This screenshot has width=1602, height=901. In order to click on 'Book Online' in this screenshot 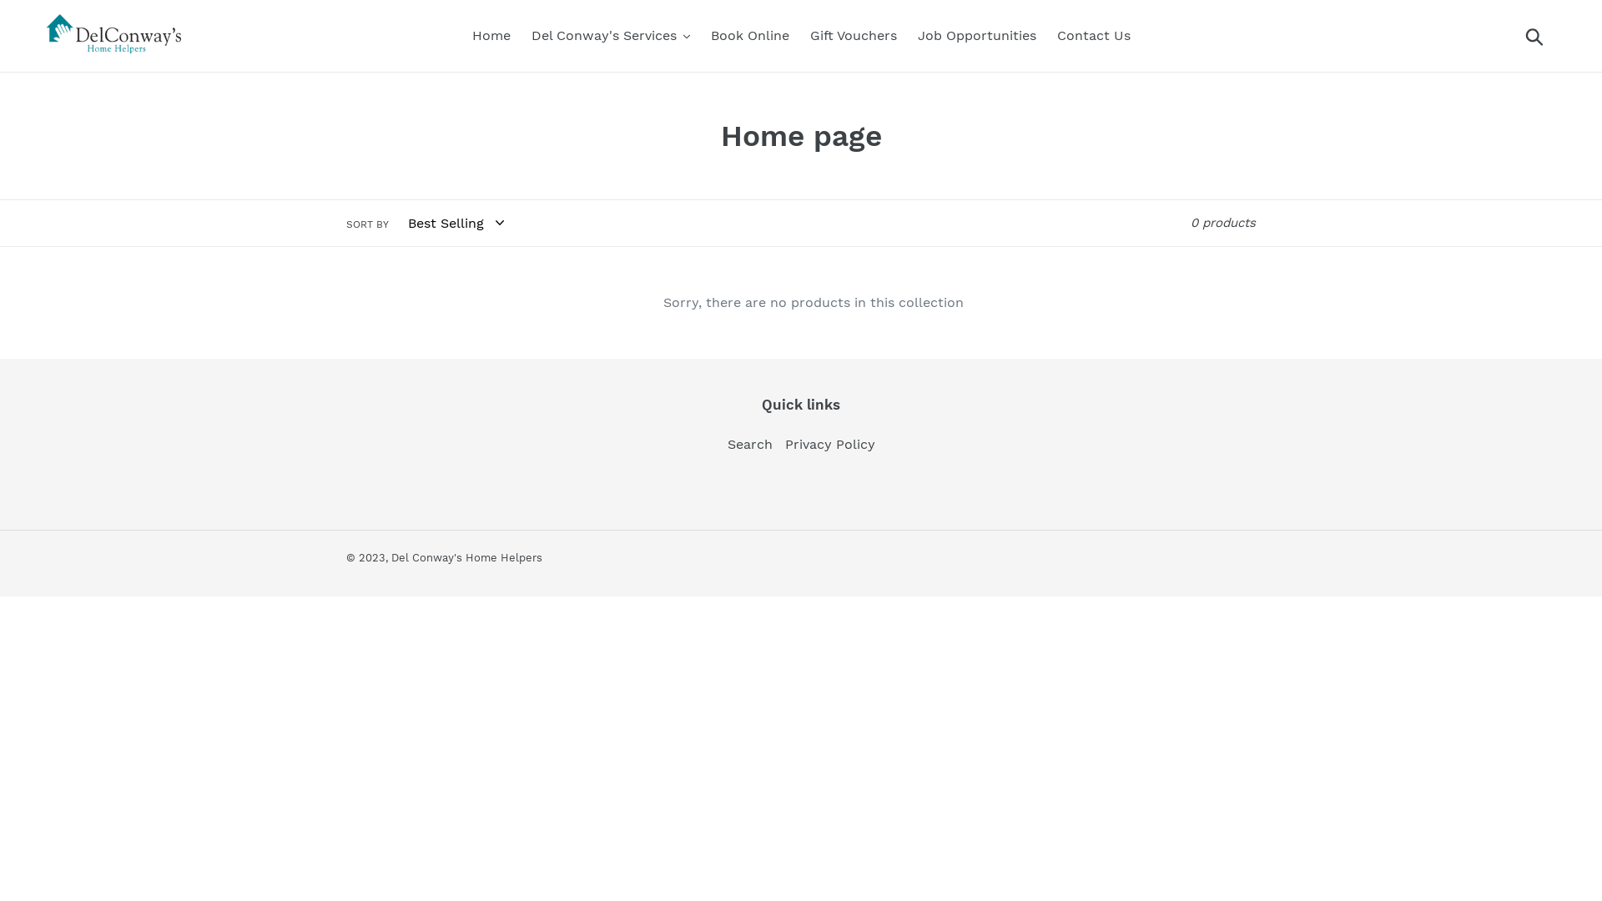, I will do `click(748, 35)`.